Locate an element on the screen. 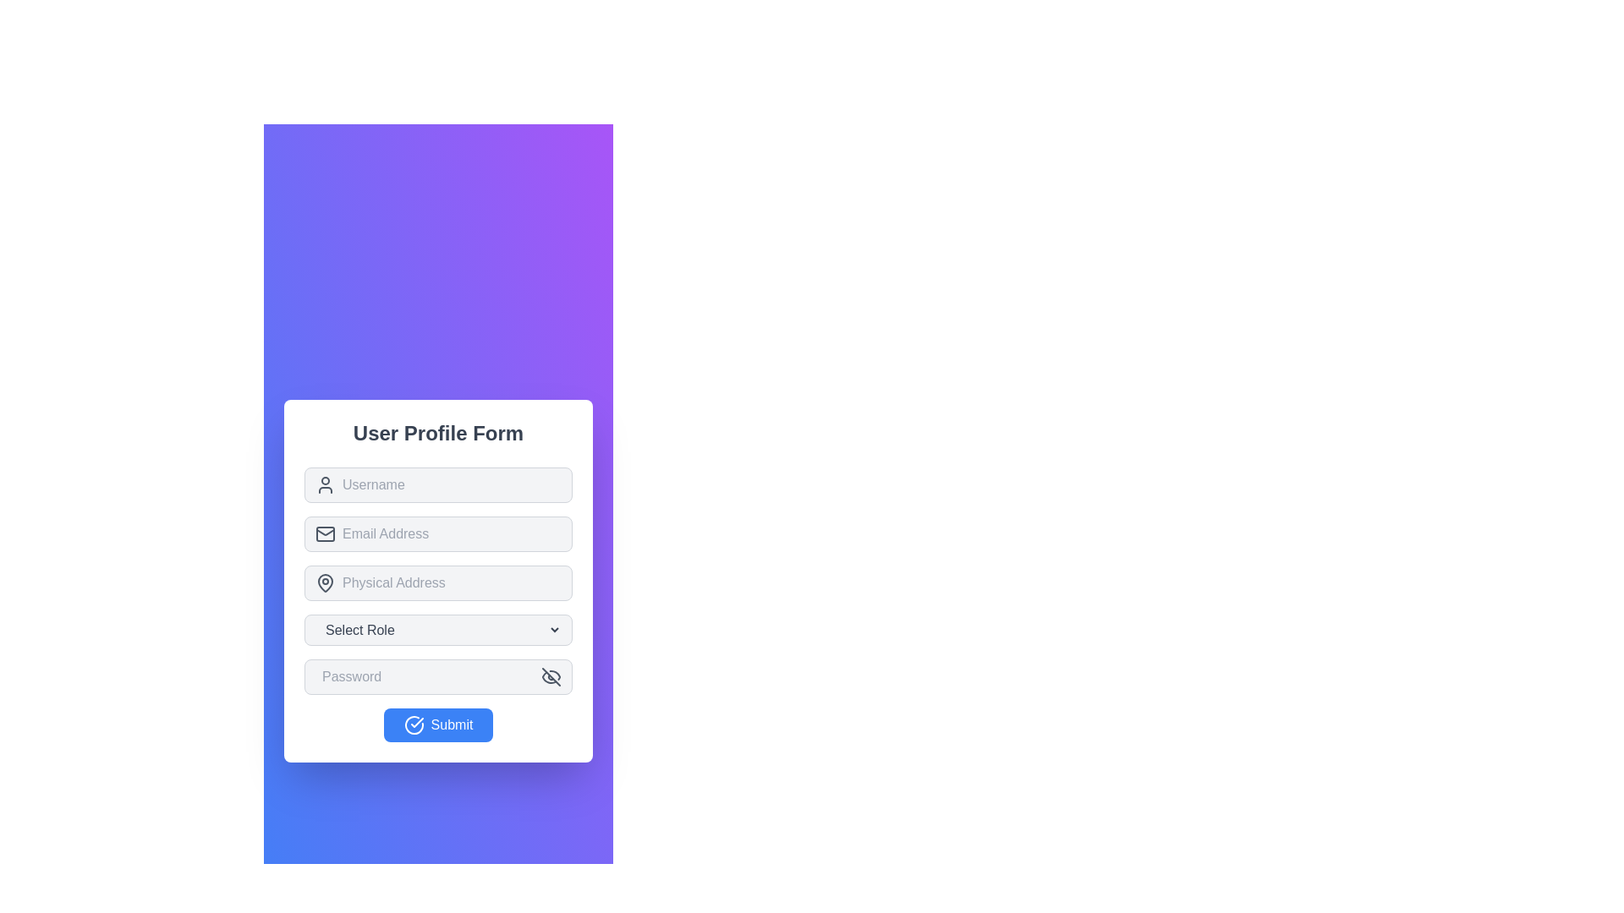  the rectangular blue 'Submit' button with white text and a checkmark icon is located at coordinates (438, 724).